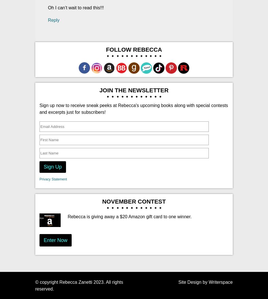 This screenshot has width=268, height=299. What do you see at coordinates (76, 8) in the screenshot?
I see `'Oh I can’t wait to read this!!!'` at bounding box center [76, 8].